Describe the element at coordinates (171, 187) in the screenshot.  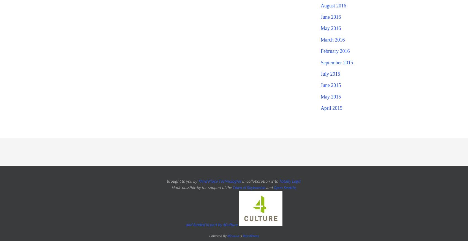
I see `'Made possible by the support of the'` at that location.